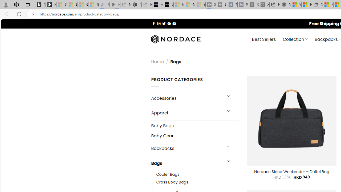  I want to click on 'Follow on YouTube', so click(174, 23).